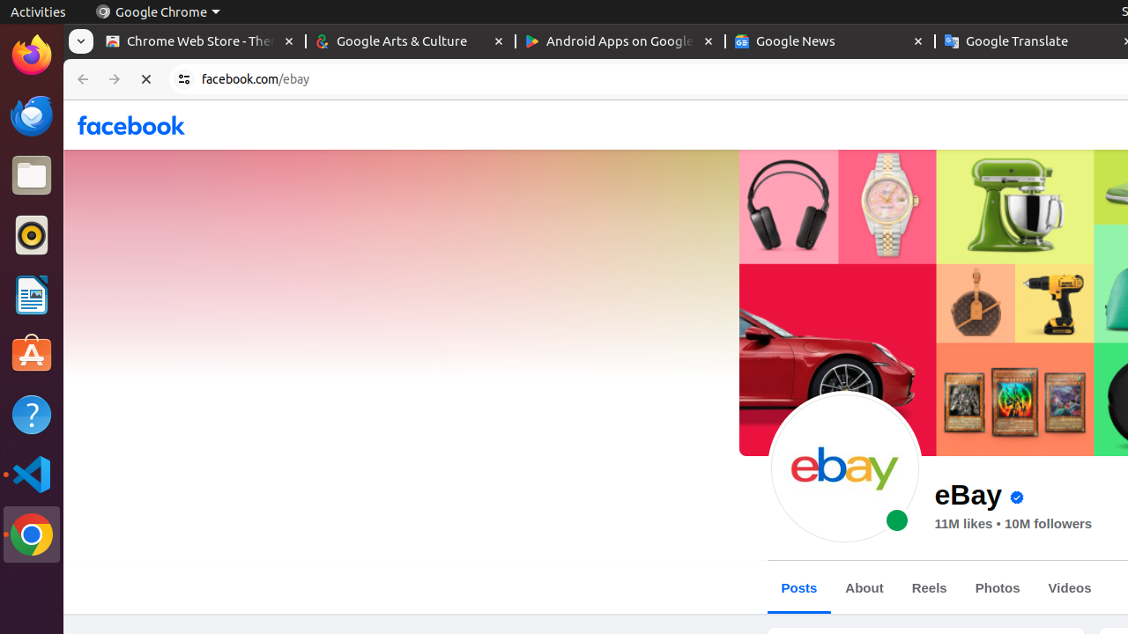 The height and width of the screenshot is (634, 1128). I want to click on 'Photos', so click(998, 587).